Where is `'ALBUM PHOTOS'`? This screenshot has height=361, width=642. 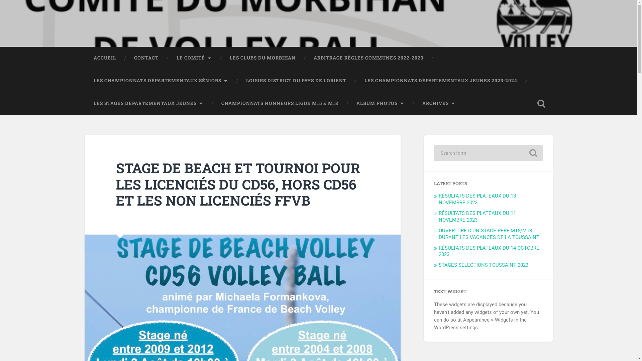 'ALBUM PHOTOS' is located at coordinates (380, 103).